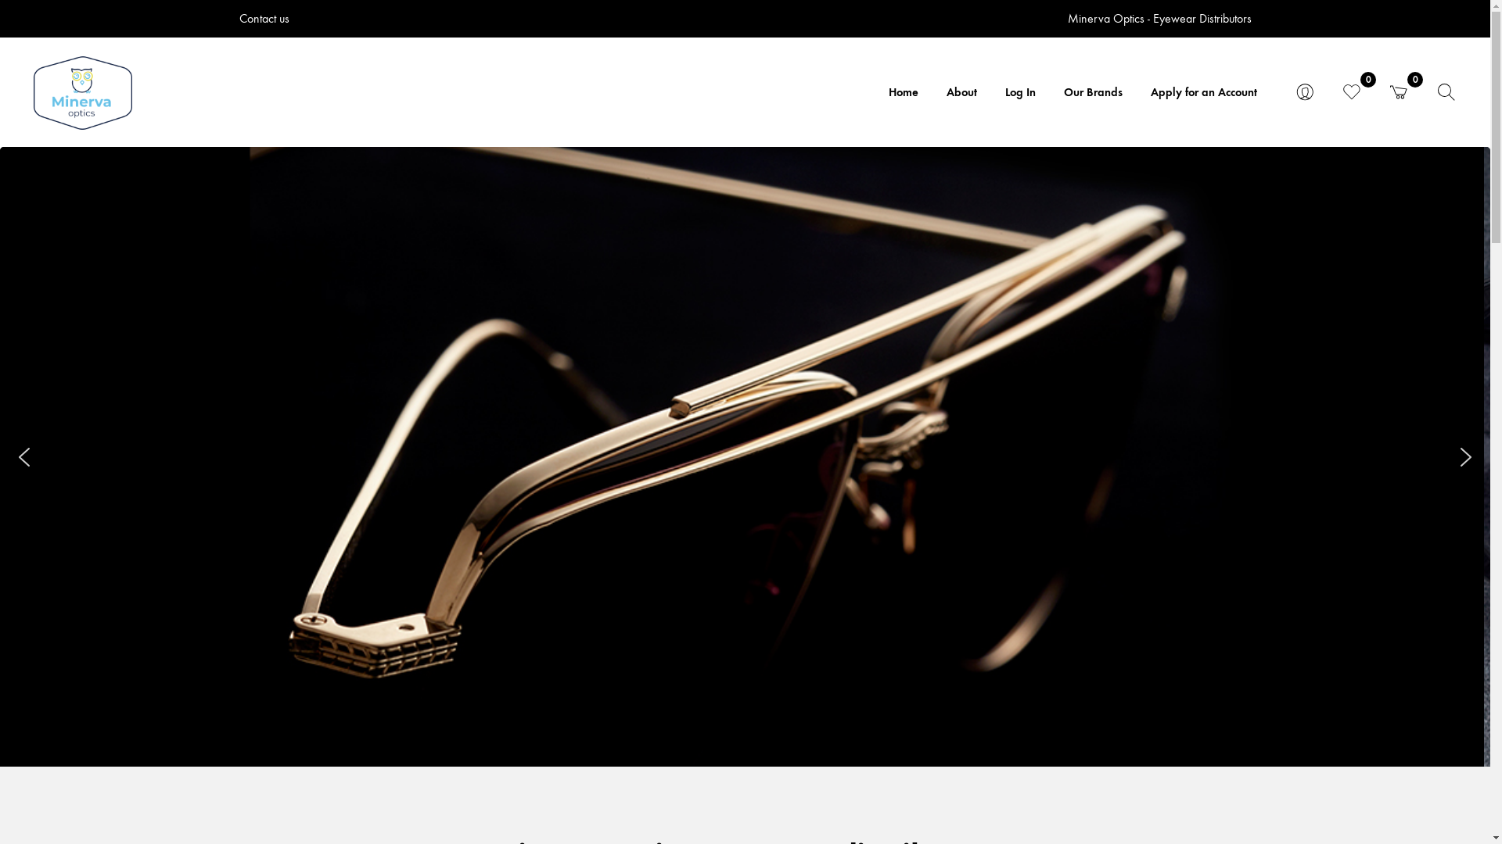 This screenshot has width=1502, height=844. I want to click on 'Home', so click(904, 93).